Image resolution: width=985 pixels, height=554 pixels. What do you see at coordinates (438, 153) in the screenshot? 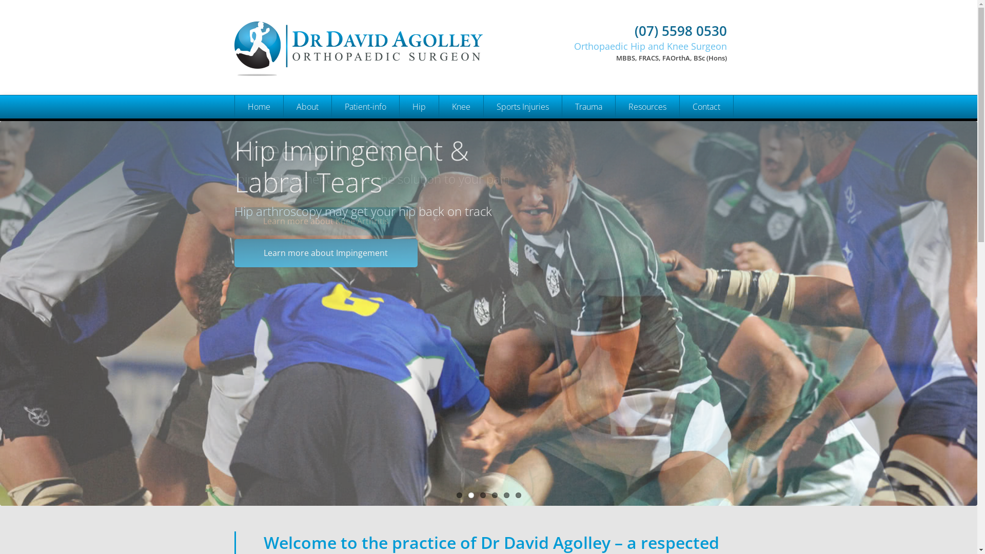
I see `'Knee Replacement'` at bounding box center [438, 153].